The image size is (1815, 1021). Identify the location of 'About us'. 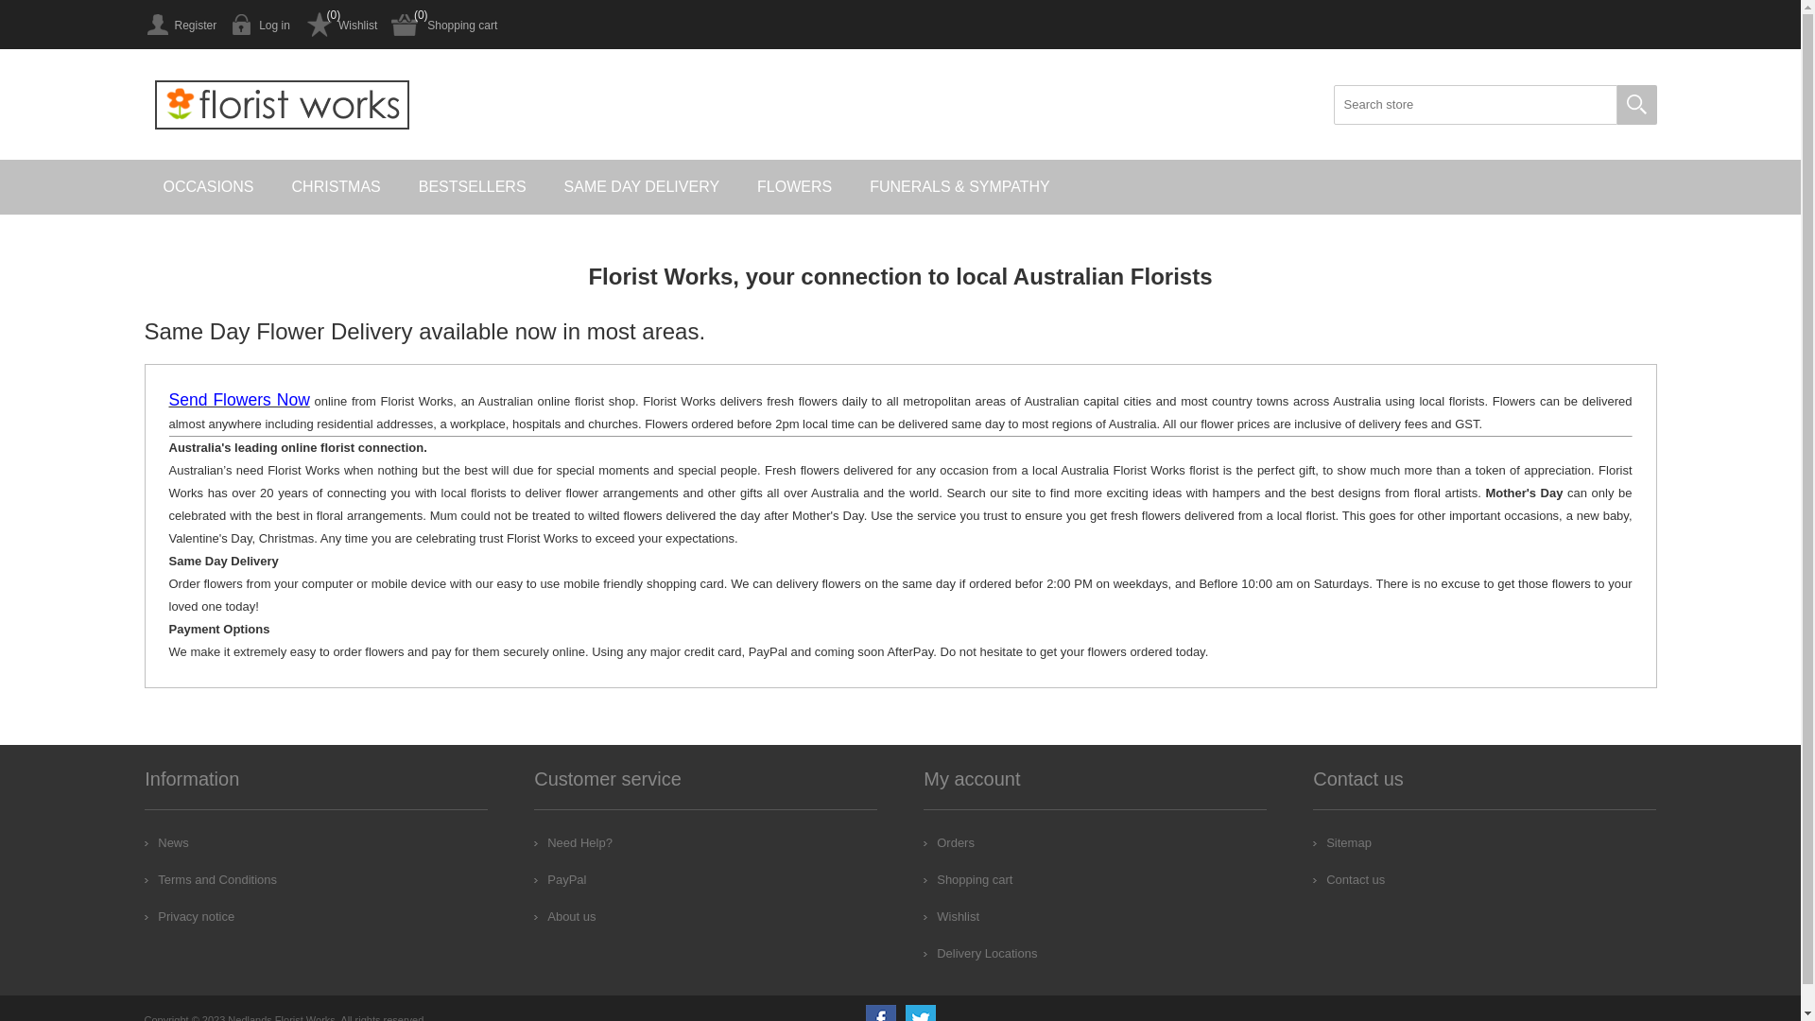
(533, 915).